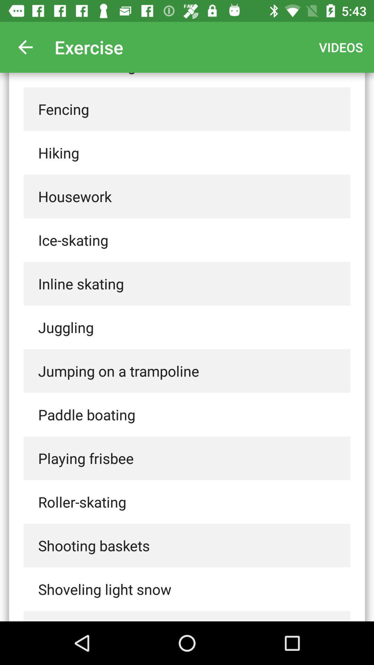  I want to click on app next to exercise icon, so click(25, 47).